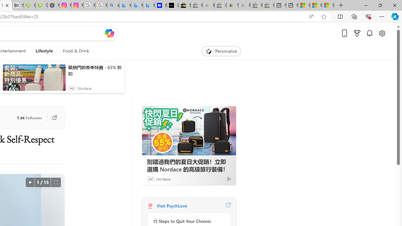 This screenshot has height=226, width=402. I want to click on 'Press Room - eBay Inc. - Sleeping', so click(256, 5).